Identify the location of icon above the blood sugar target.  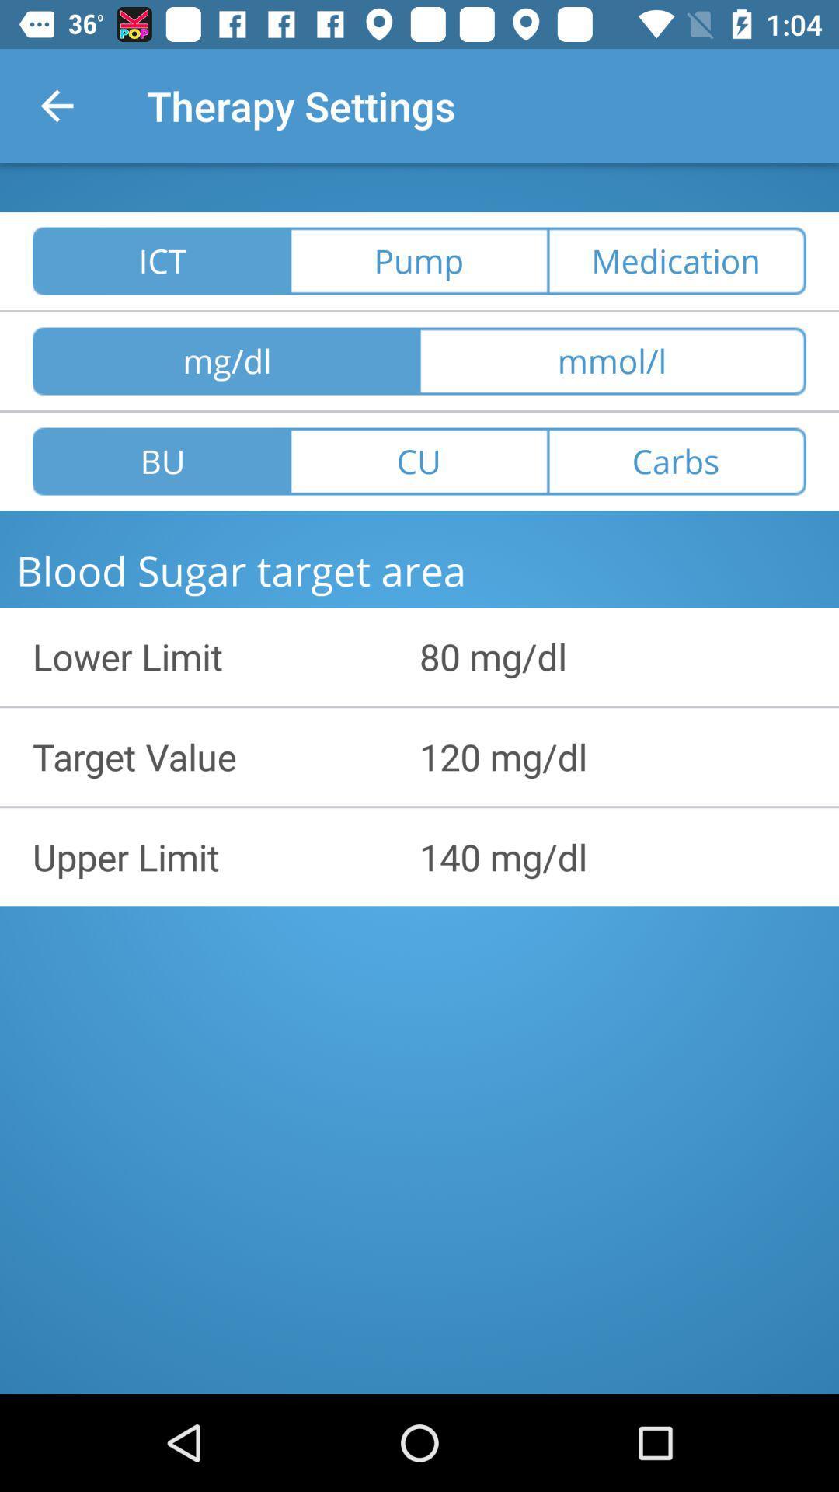
(161, 461).